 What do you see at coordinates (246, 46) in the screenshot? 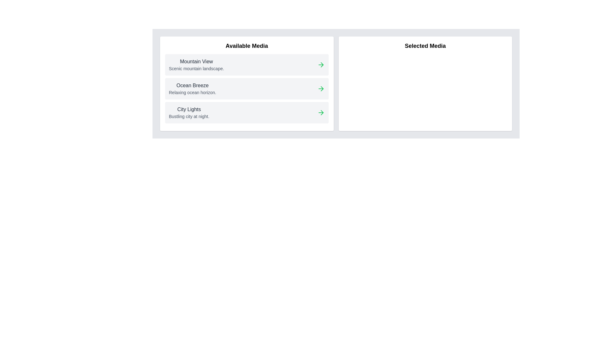
I see `the title 'Available Media' to focus or select it` at bounding box center [246, 46].